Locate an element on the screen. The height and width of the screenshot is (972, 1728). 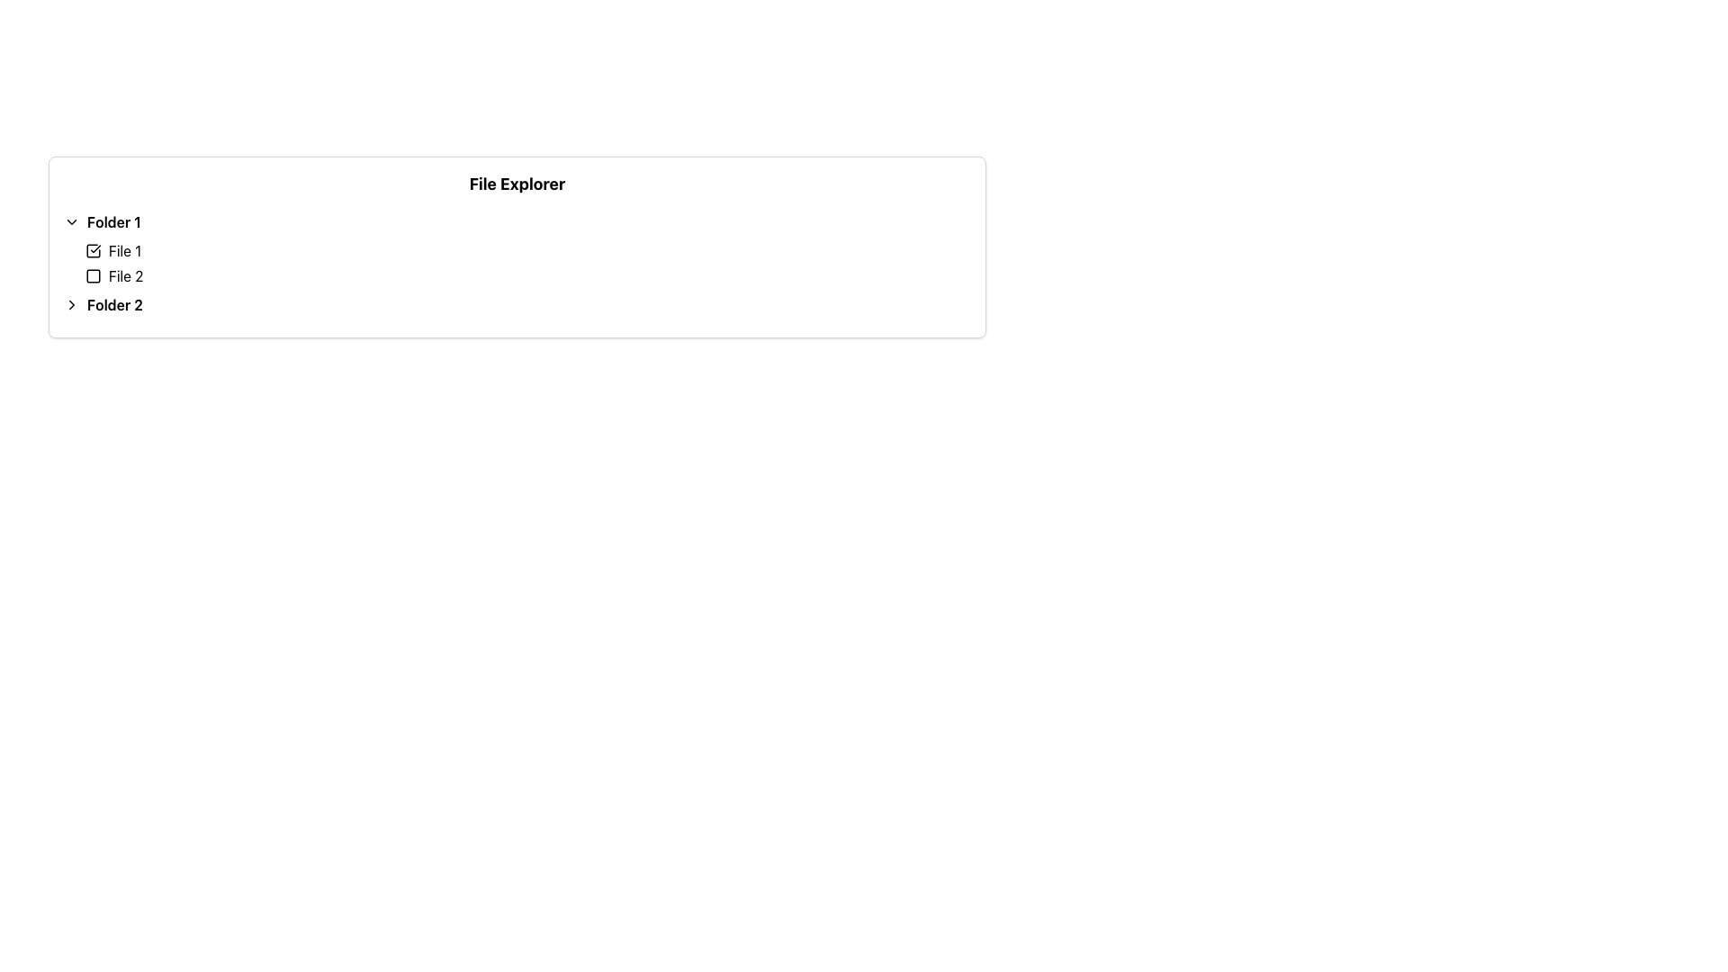
the Checkbox icon is located at coordinates (93, 276).